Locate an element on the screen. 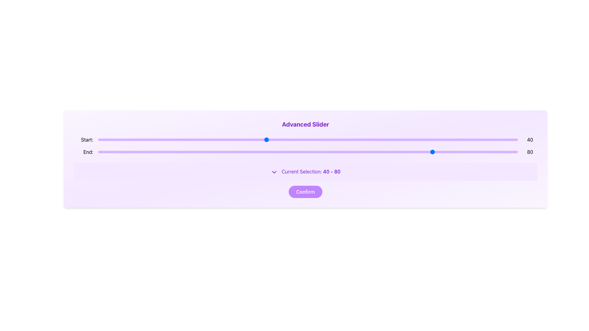  the 'End' value is located at coordinates (177, 152).